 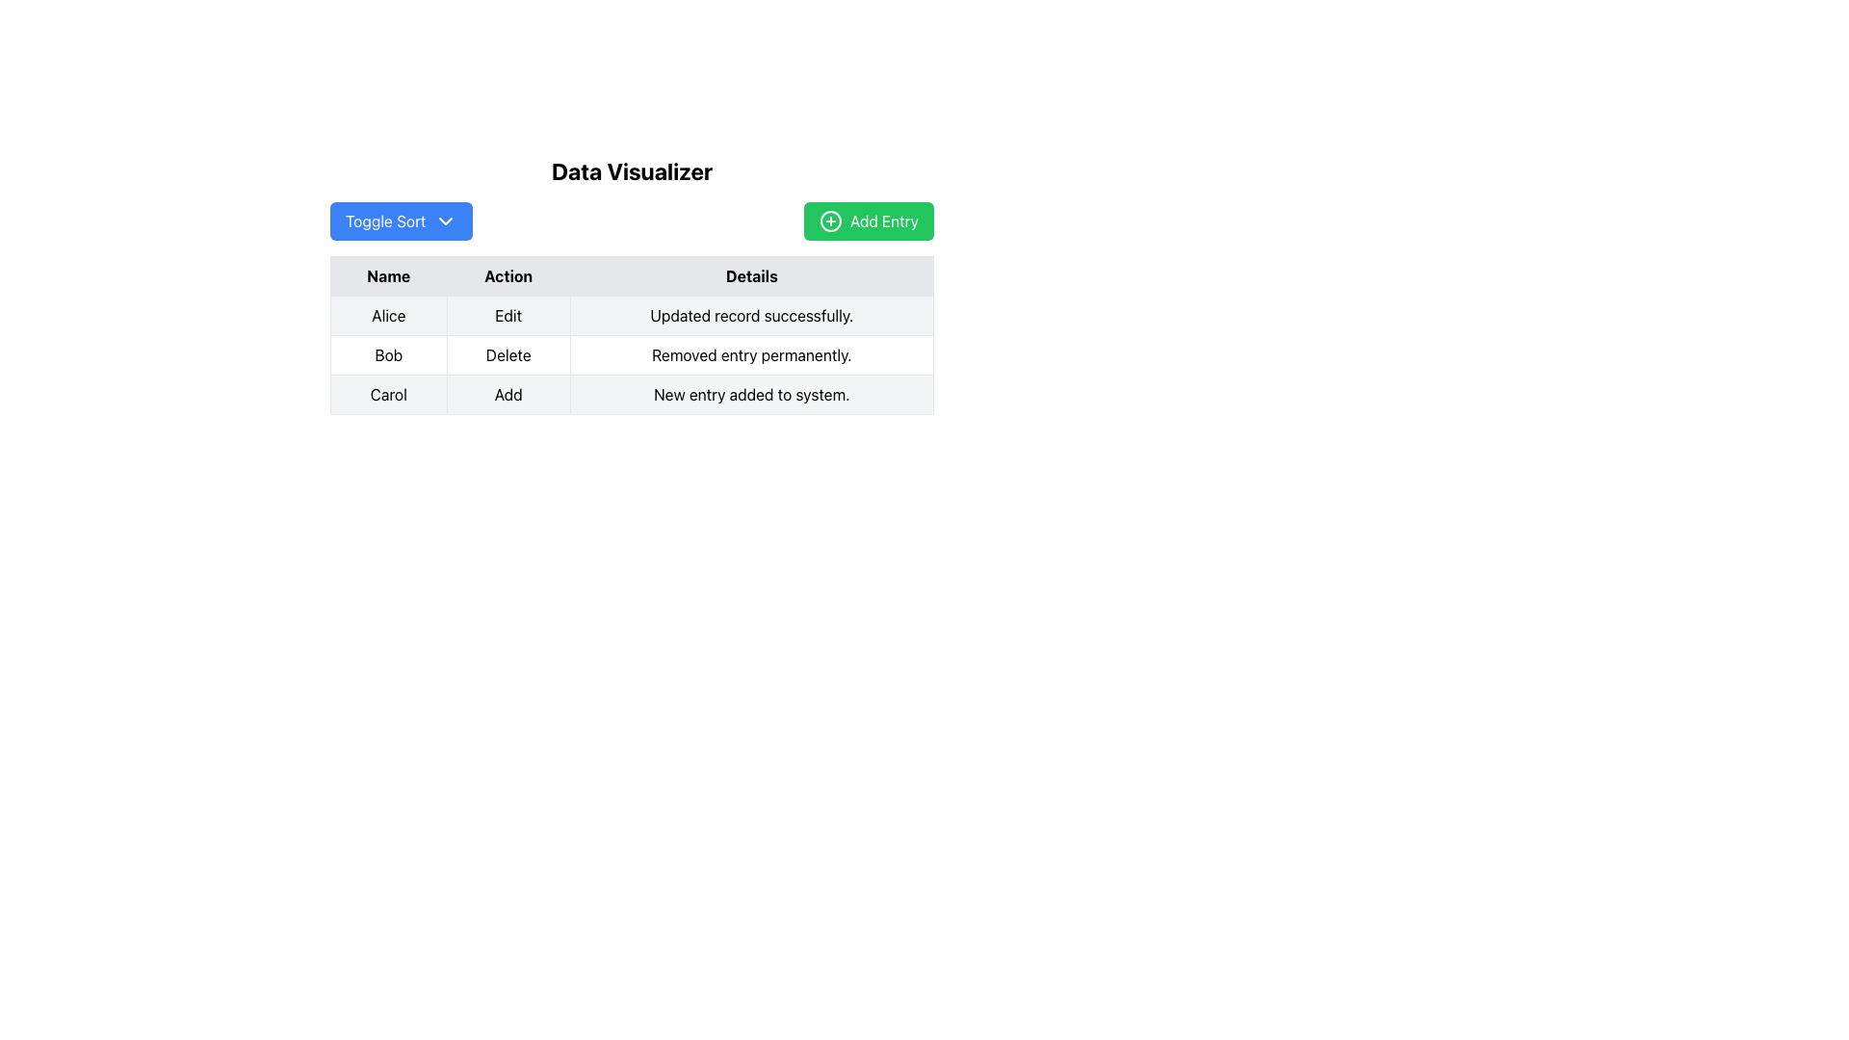 I want to click on the Toolbar containing the 'Toggle Sort' and 'Add Entry' buttons, so click(x=632, y=221).